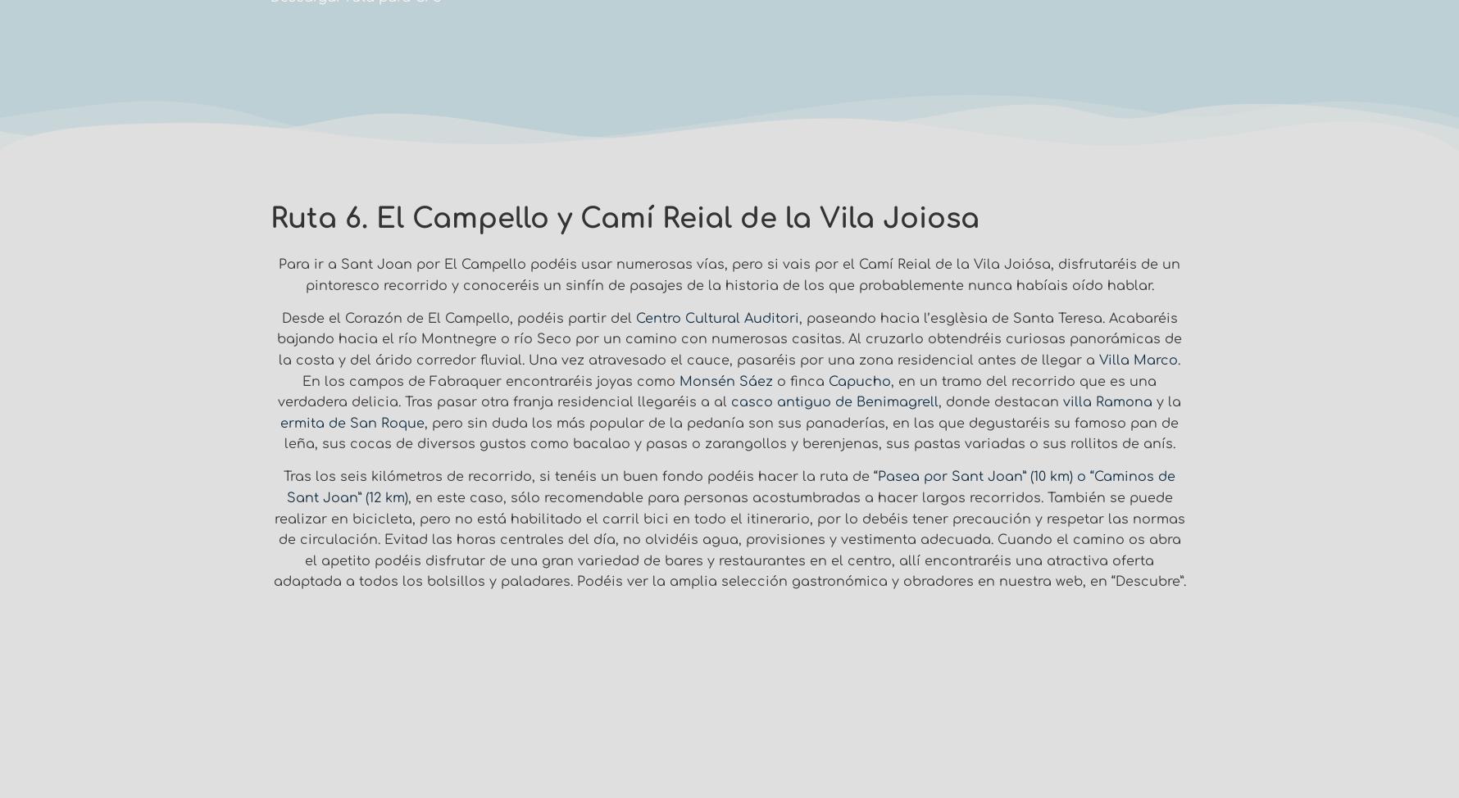 This screenshot has width=1459, height=798. What do you see at coordinates (834, 401) in the screenshot?
I see `'casco antiguo de Benimagrell'` at bounding box center [834, 401].